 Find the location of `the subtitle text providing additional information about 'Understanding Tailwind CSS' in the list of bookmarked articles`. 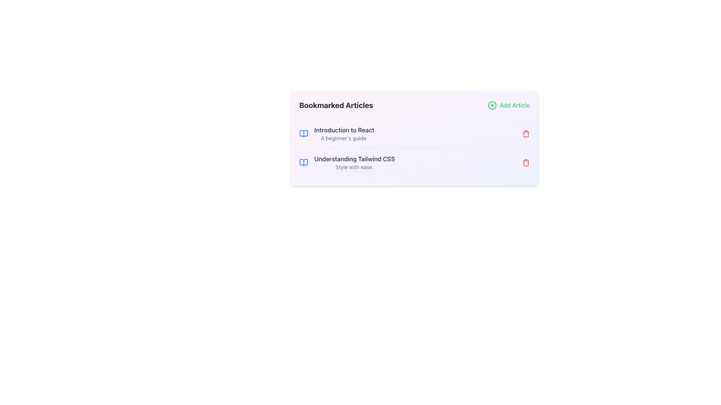

the subtitle text providing additional information about 'Understanding Tailwind CSS' in the list of bookmarked articles is located at coordinates (354, 167).